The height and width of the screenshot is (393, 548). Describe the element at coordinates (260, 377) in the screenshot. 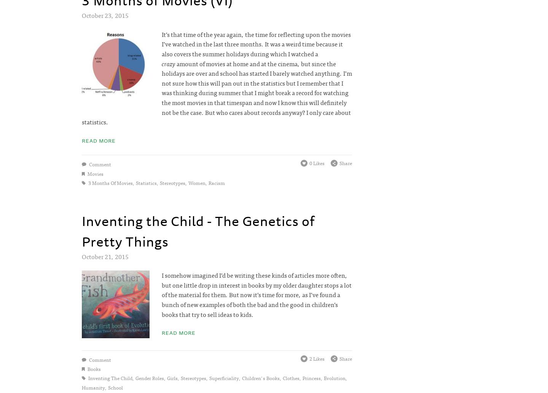

I see `'children's books'` at that location.